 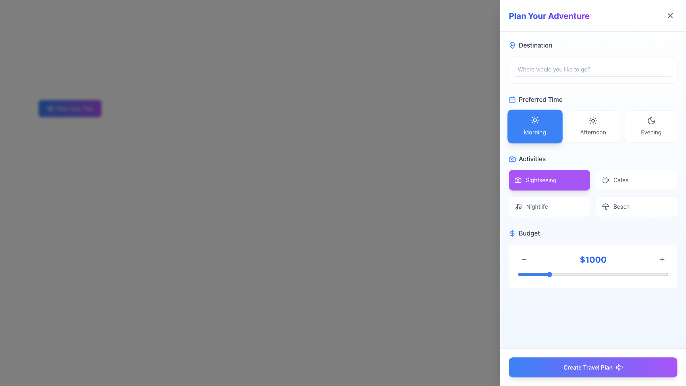 What do you see at coordinates (512, 45) in the screenshot?
I see `the destination icon located to the left of the 'Destination' label in the header section` at bounding box center [512, 45].